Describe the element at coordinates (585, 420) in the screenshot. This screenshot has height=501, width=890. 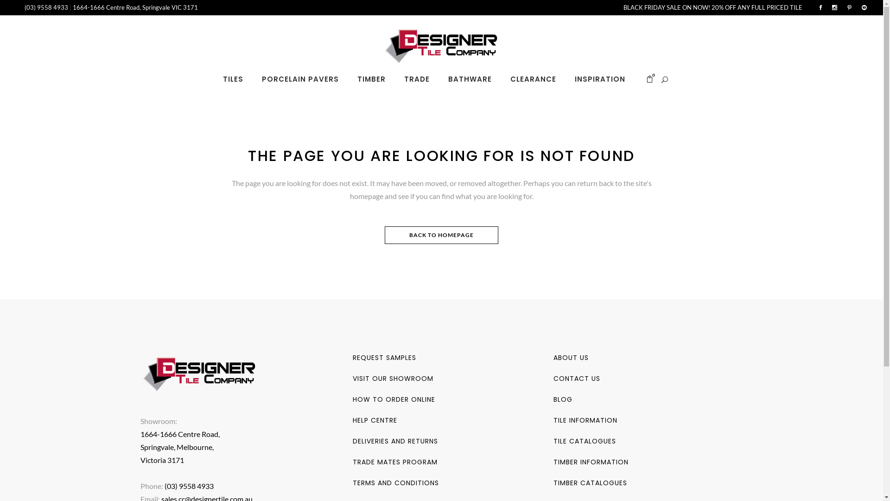
I see `'TILE INFORMATION'` at that location.